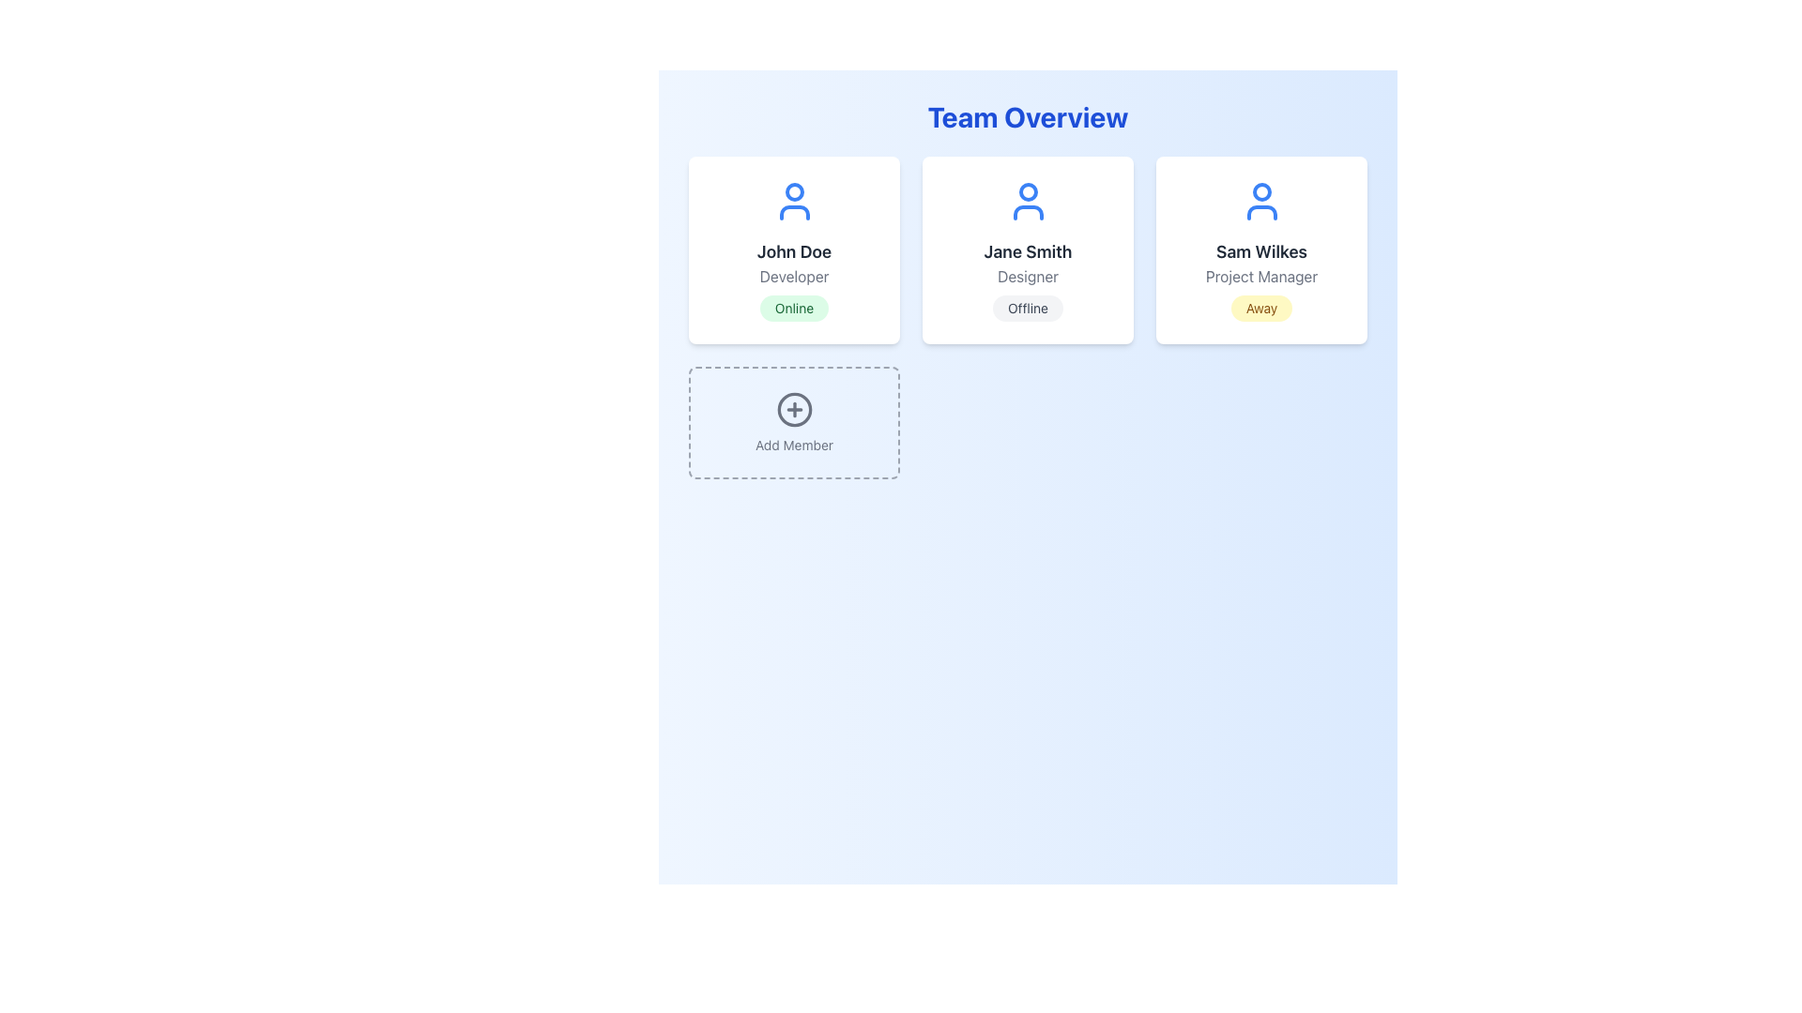 The height and width of the screenshot is (1013, 1802). What do you see at coordinates (794, 307) in the screenshot?
I see `the status represented by the oval badge with a light green background and green text reading 'Online' located within the profile tile for 'John Doe'` at bounding box center [794, 307].